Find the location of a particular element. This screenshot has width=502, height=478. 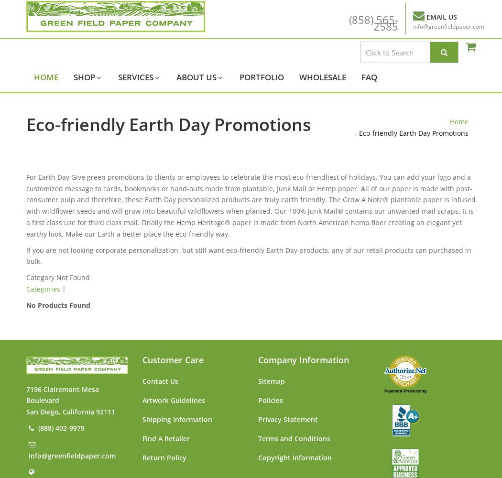

'Payment Processing' is located at coordinates (405, 390).